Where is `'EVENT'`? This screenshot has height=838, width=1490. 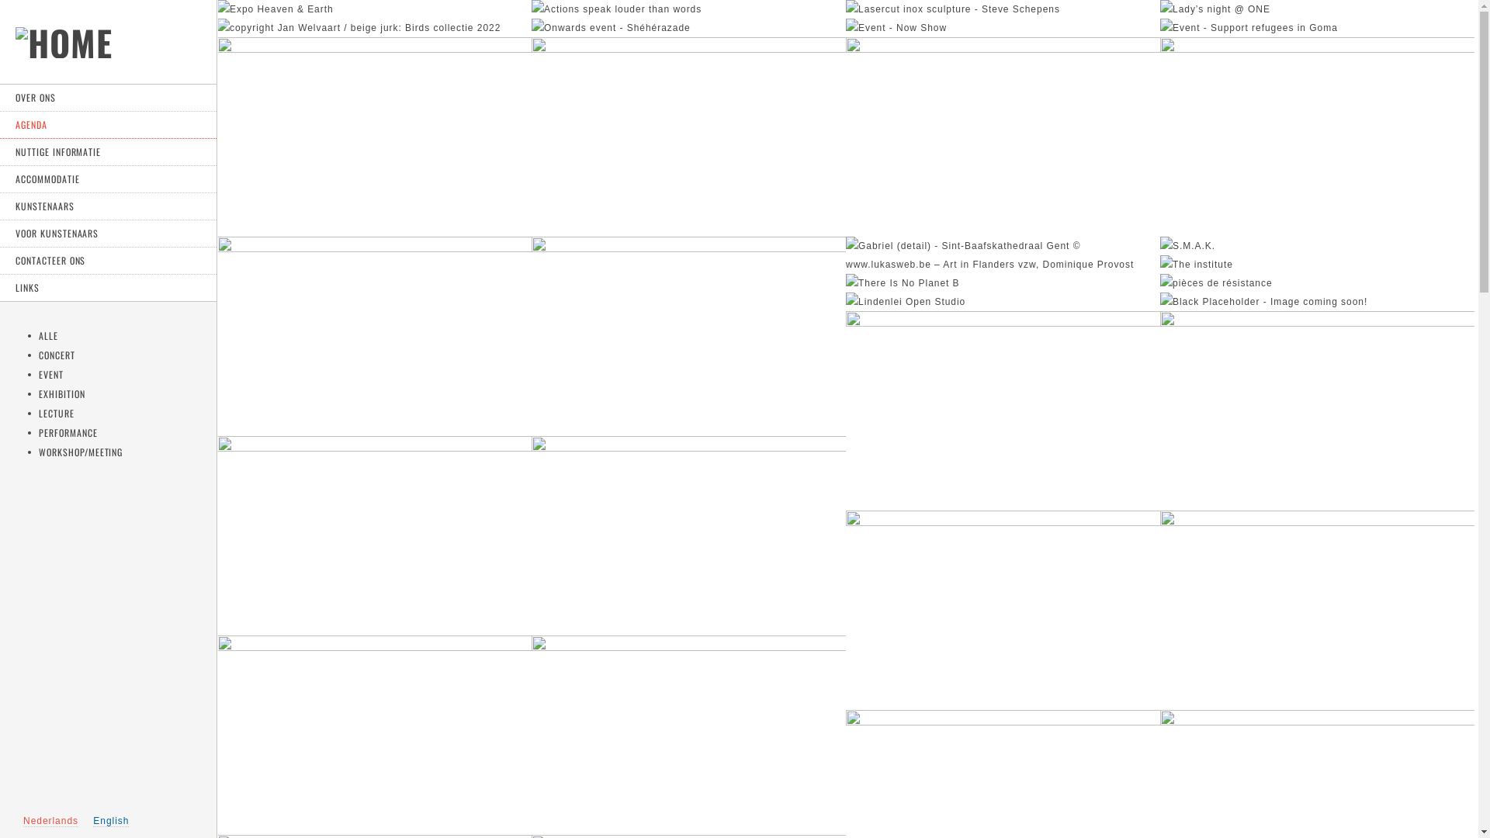
'EVENT' is located at coordinates (51, 374).